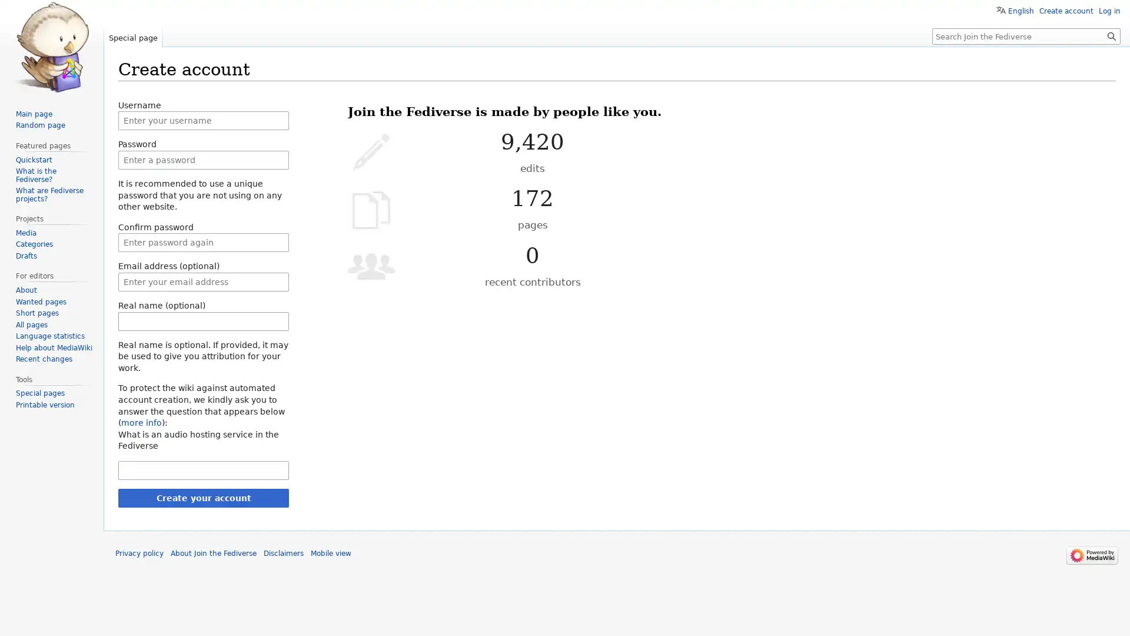 The width and height of the screenshot is (1130, 636). What do you see at coordinates (1111, 35) in the screenshot?
I see `Search` at bounding box center [1111, 35].